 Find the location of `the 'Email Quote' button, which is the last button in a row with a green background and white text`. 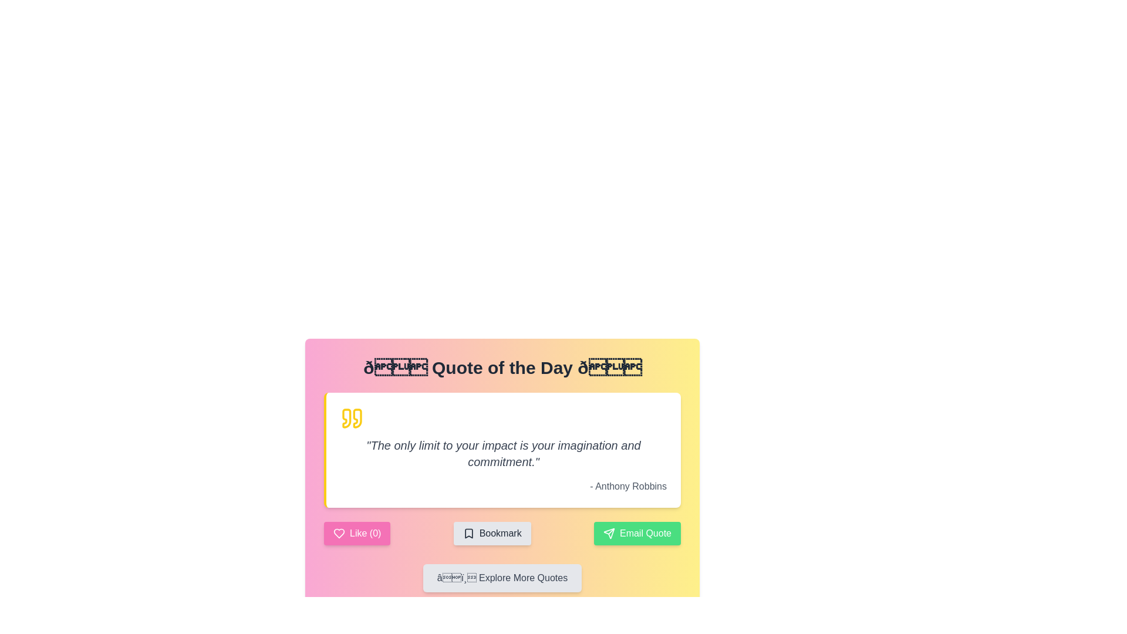

the 'Email Quote' button, which is the last button in a row with a green background and white text is located at coordinates (636, 534).